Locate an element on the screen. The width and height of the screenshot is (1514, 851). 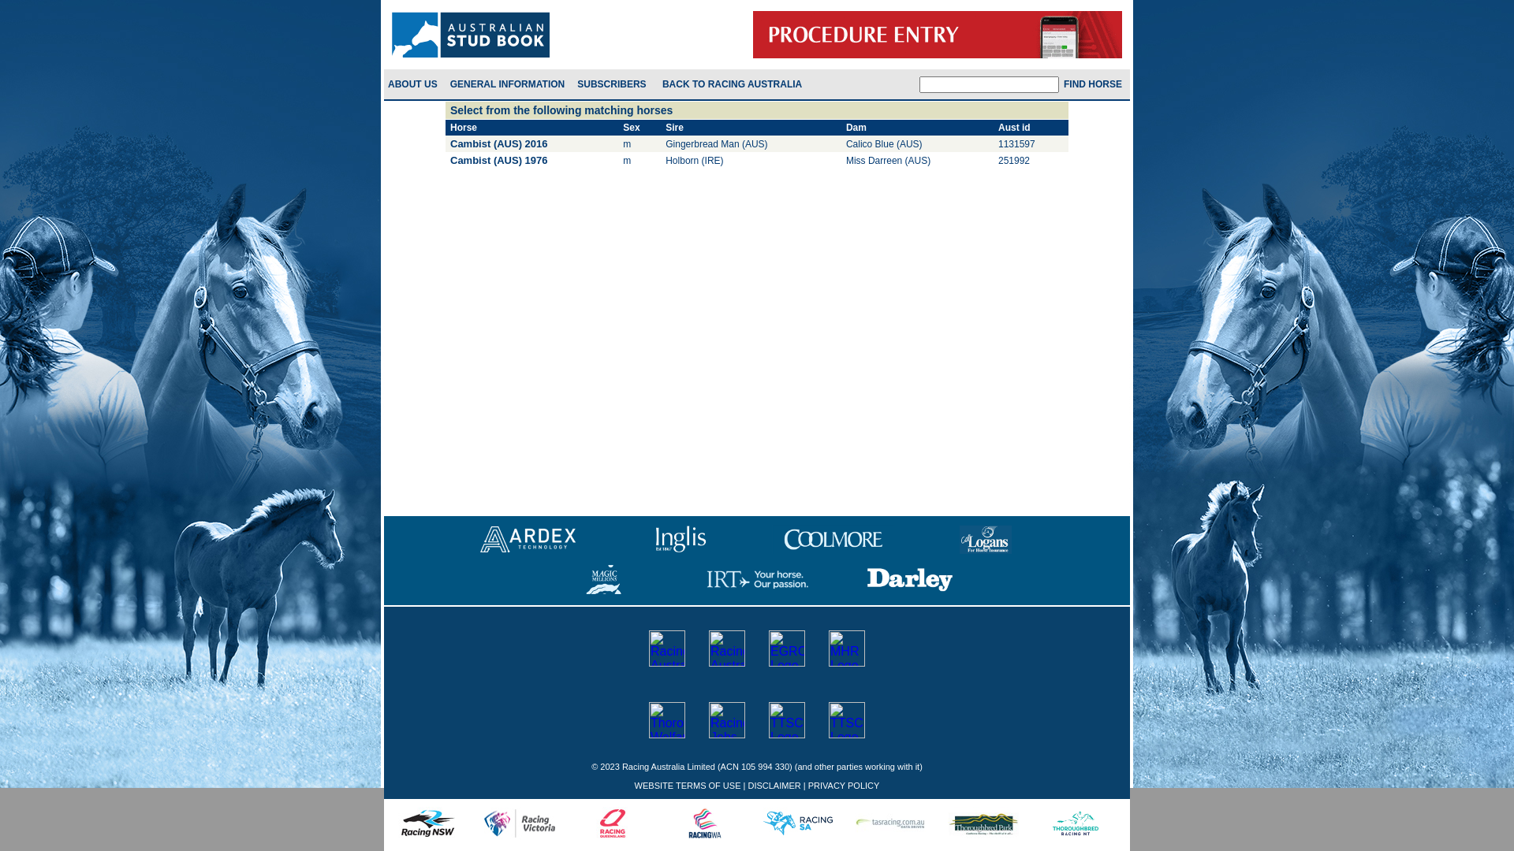
'Racing Australia' is located at coordinates (666, 648).